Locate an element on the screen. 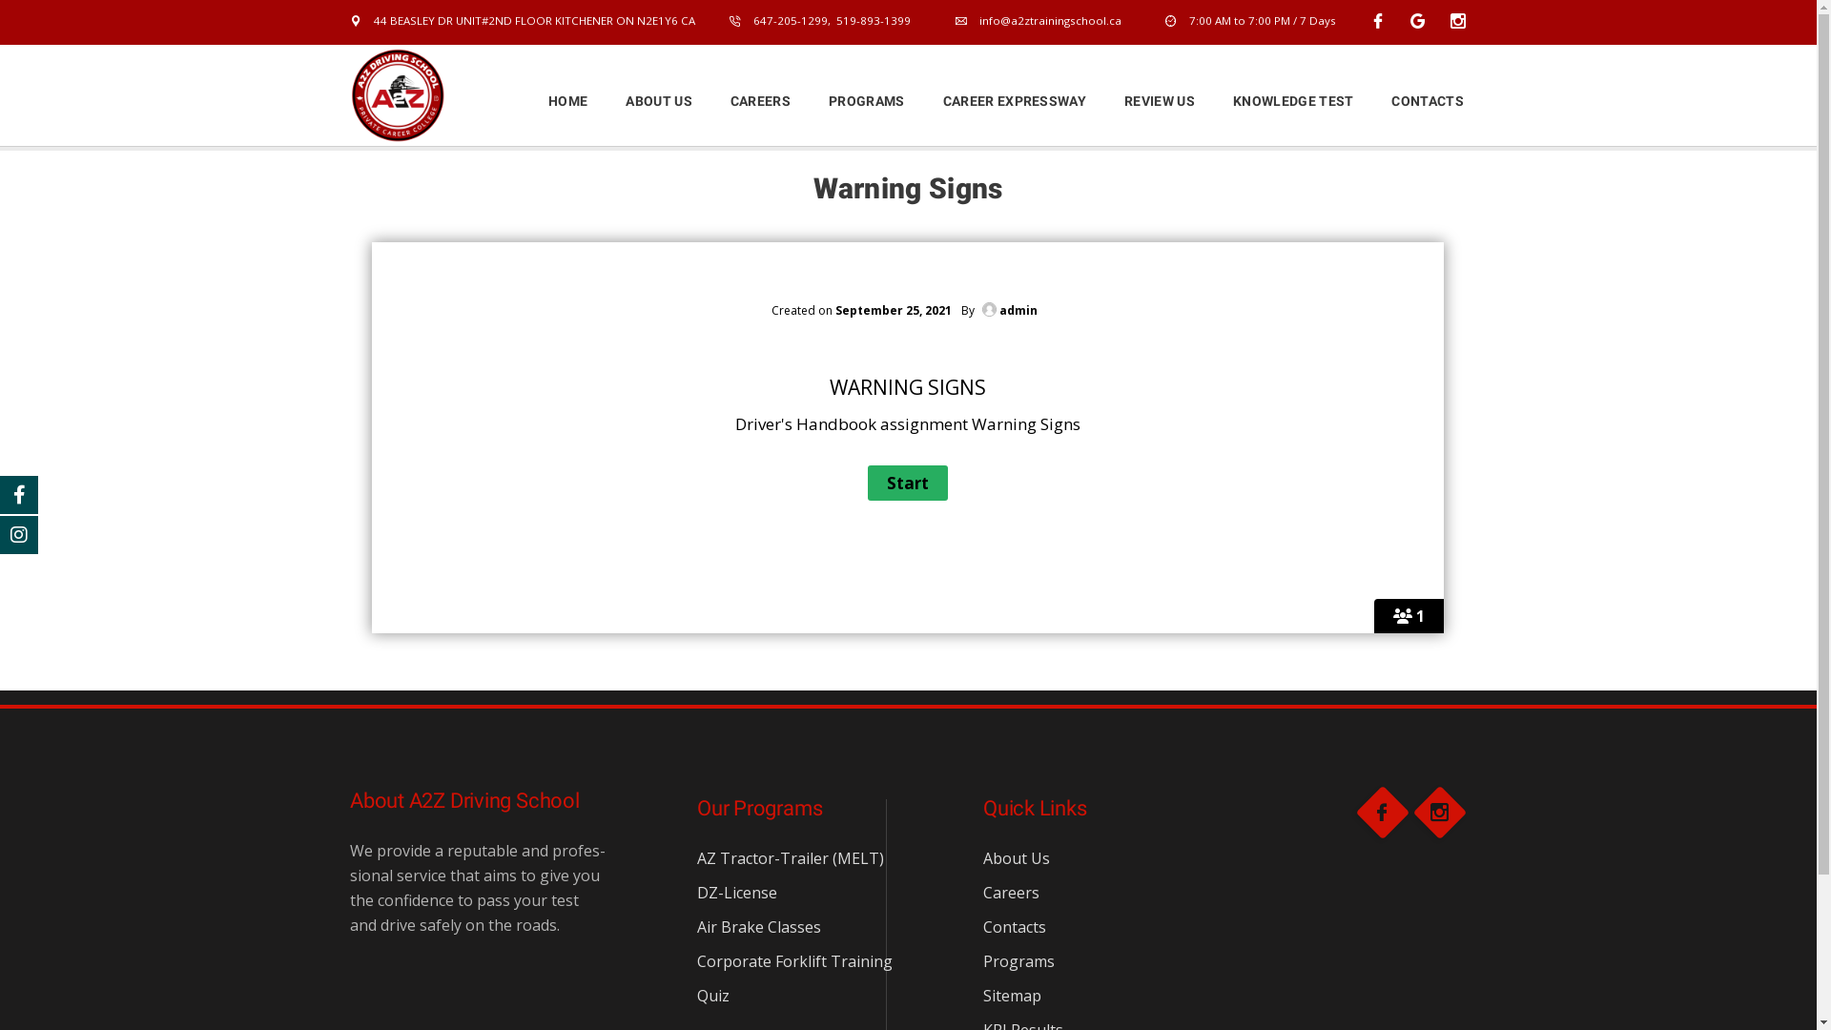 The width and height of the screenshot is (1831, 1030). 'Quiz' is located at coordinates (712, 995).